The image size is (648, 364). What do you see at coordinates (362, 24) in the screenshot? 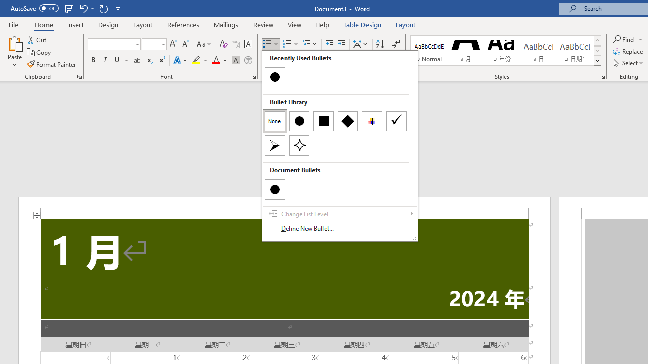
I see `'Table Design'` at bounding box center [362, 24].